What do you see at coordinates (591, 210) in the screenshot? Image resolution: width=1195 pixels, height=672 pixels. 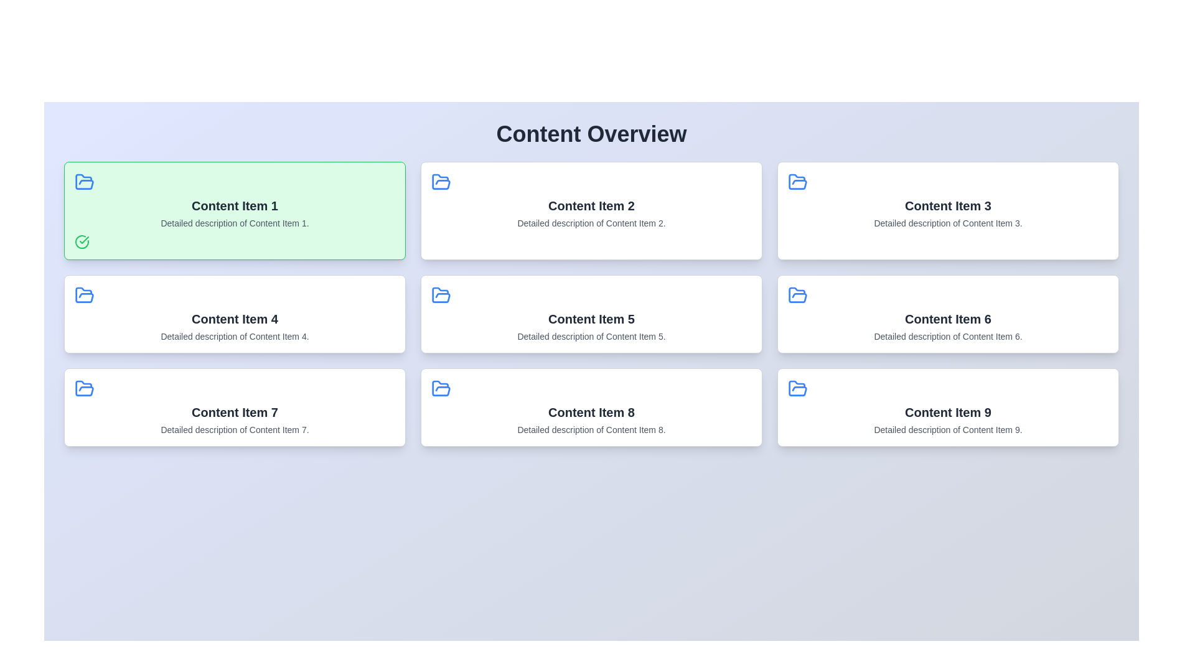 I see `the display card for 'Content Item 2'` at bounding box center [591, 210].